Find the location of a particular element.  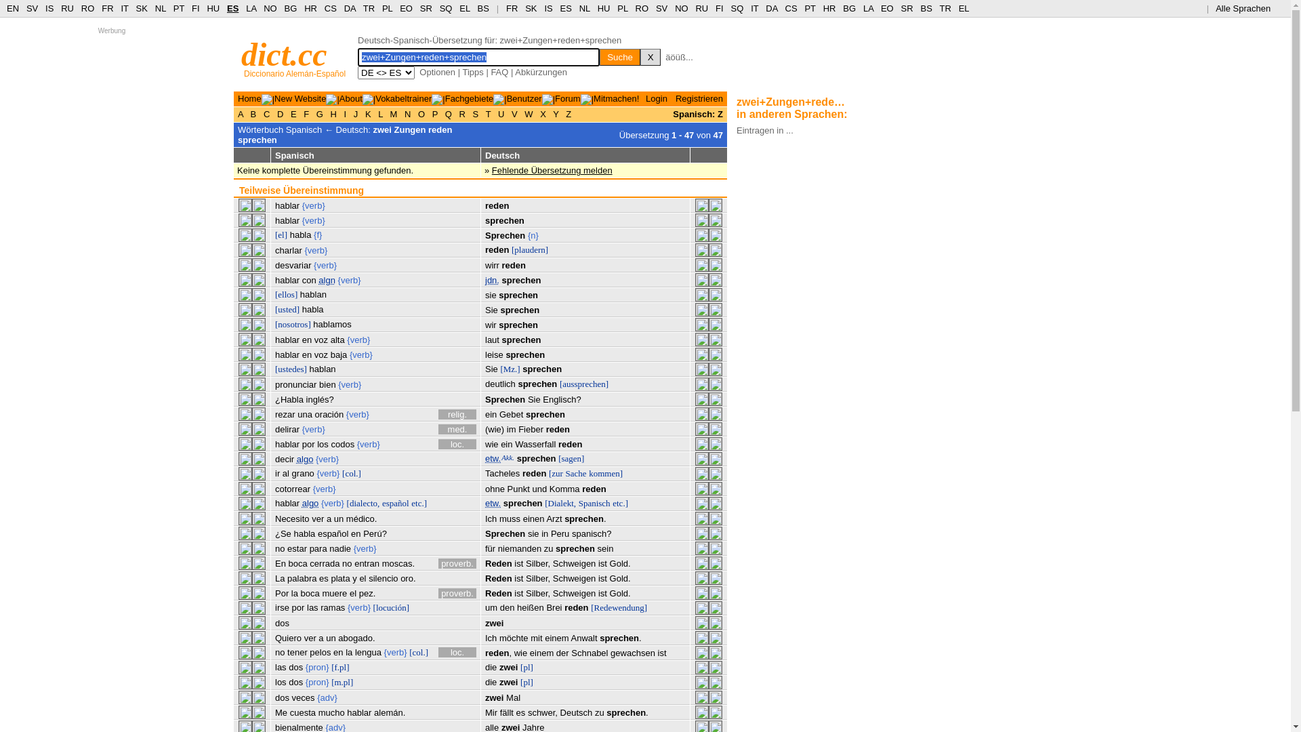

'dos' is located at coordinates (281, 623).